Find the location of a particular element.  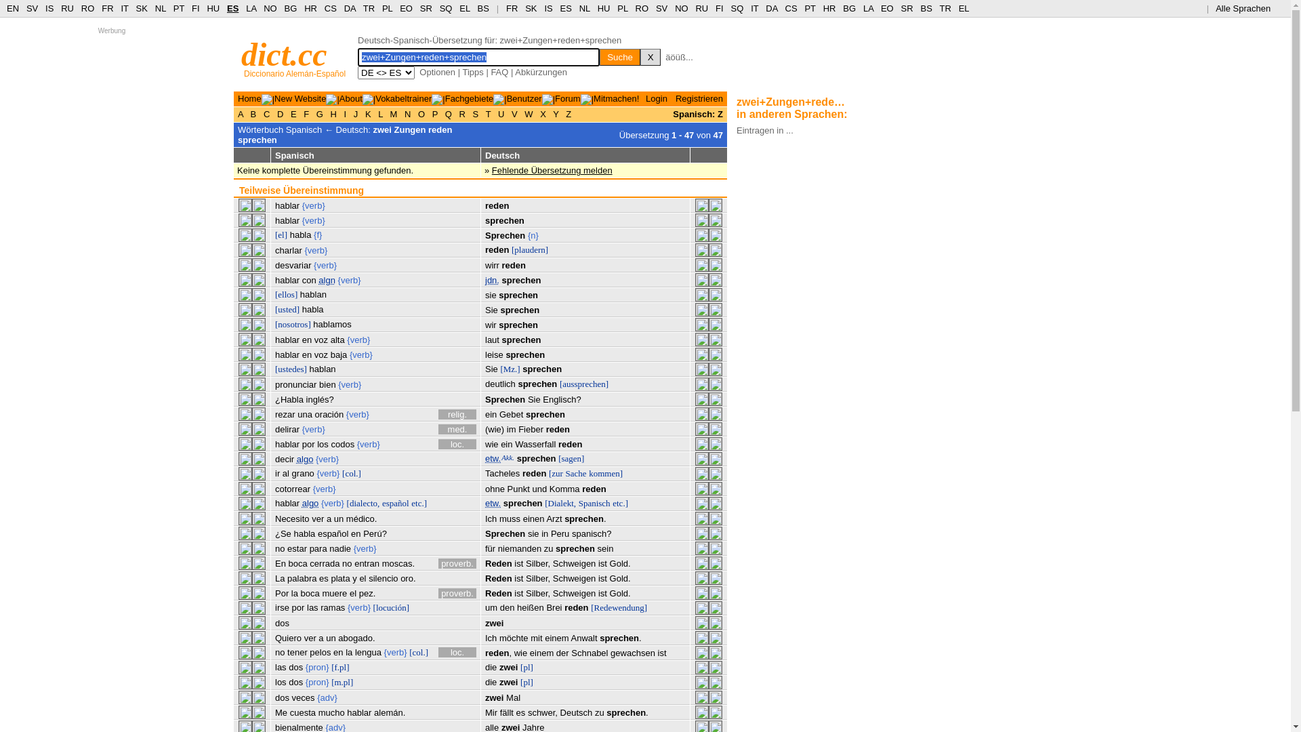

'dos' is located at coordinates (281, 623).